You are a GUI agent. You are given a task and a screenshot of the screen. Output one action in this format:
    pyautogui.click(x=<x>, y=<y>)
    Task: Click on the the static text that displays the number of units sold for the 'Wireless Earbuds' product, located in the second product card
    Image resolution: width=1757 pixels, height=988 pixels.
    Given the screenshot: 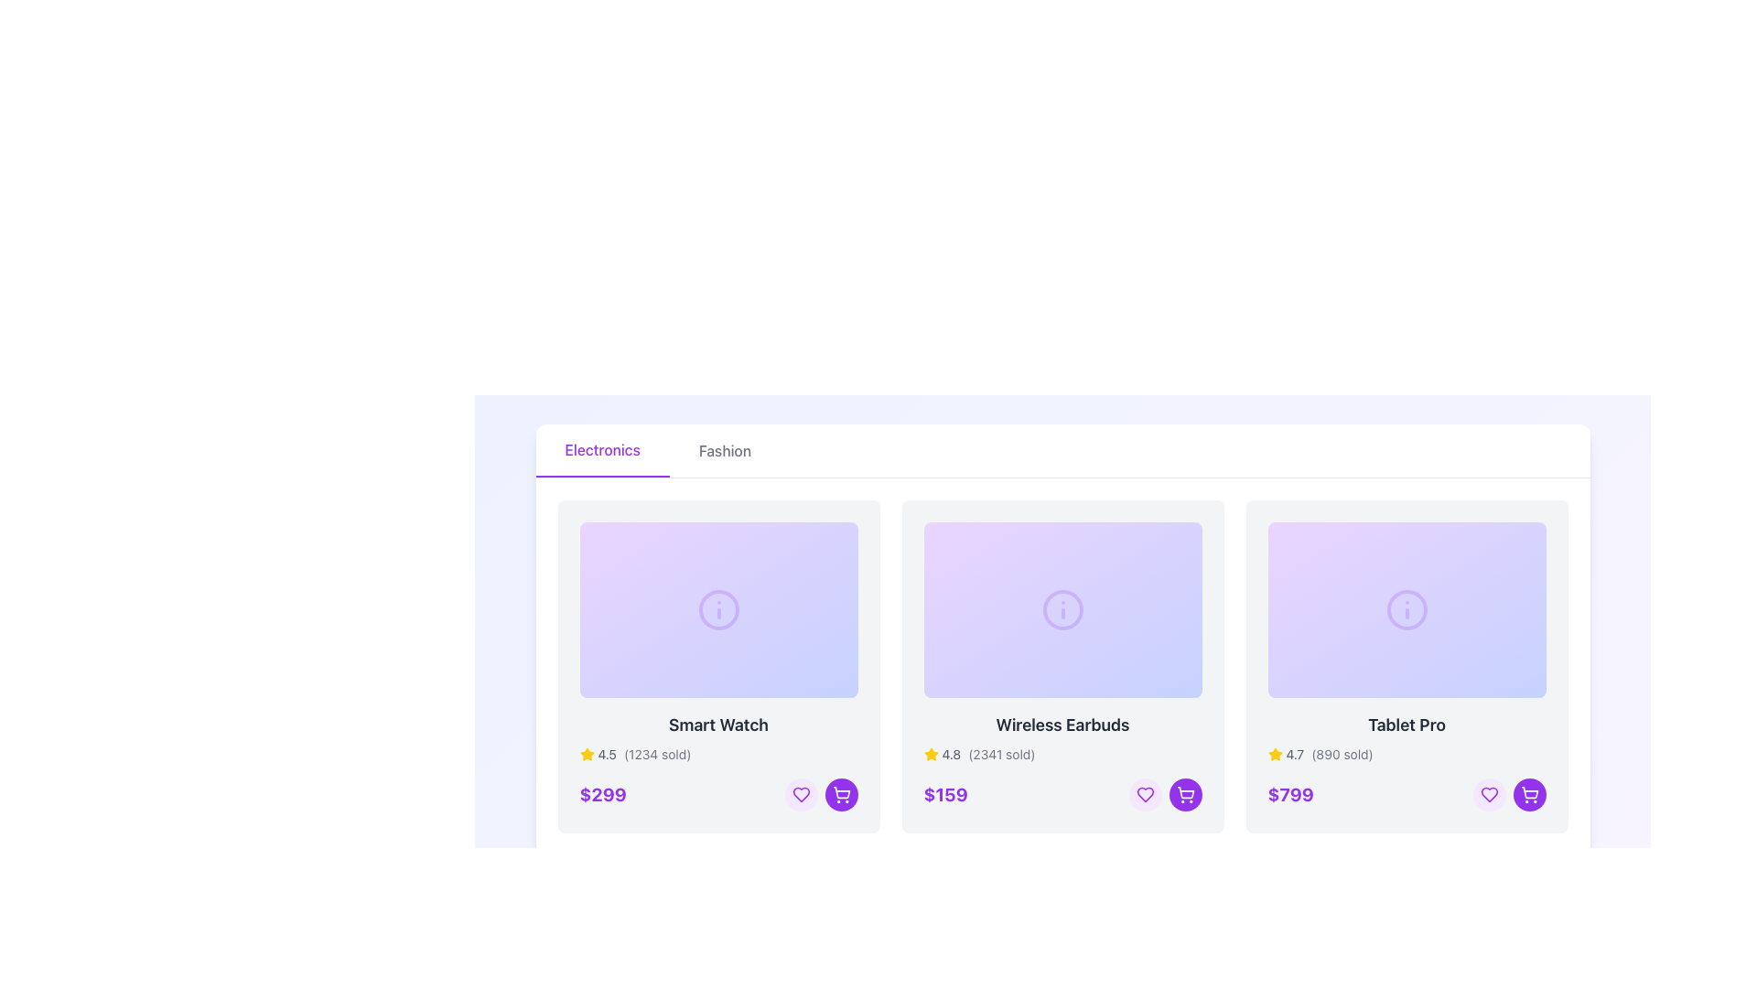 What is the action you would take?
    pyautogui.click(x=1000, y=755)
    